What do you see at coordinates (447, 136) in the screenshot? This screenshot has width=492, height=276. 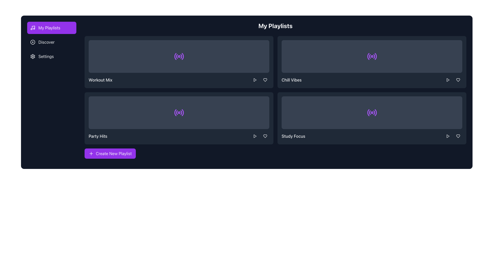 I see `the play button located at the bottom-right of the 'Study Focus' playlist card to play the associated media` at bounding box center [447, 136].